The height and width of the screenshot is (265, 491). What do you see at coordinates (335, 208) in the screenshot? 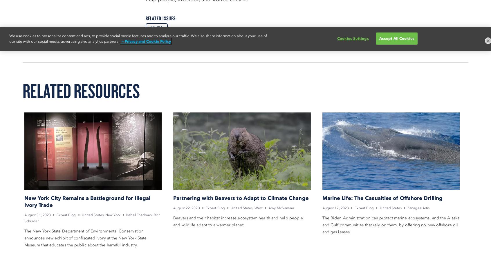
I see `'August 17, 2023'` at bounding box center [335, 208].